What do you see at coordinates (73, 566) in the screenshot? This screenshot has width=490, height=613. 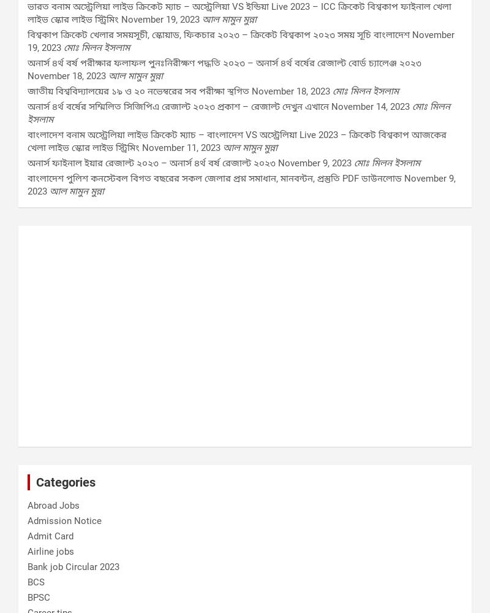 I see `'Bank job Circular 2023'` at bounding box center [73, 566].